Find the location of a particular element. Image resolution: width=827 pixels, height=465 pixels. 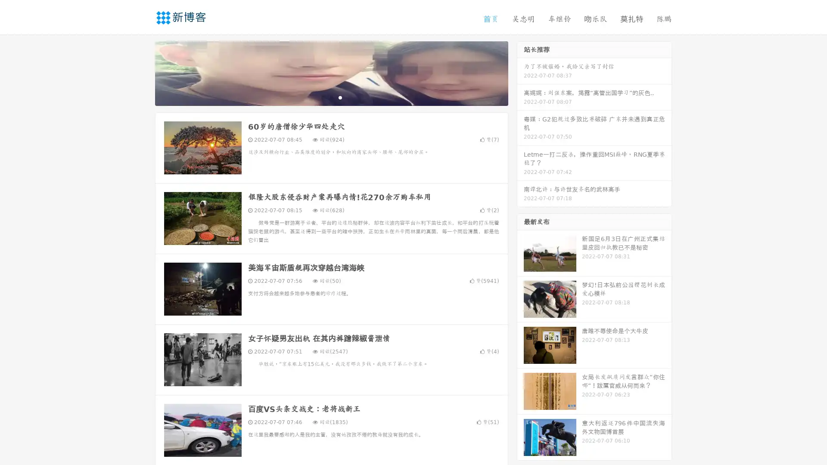

Go to slide 3 is located at coordinates (340, 97).